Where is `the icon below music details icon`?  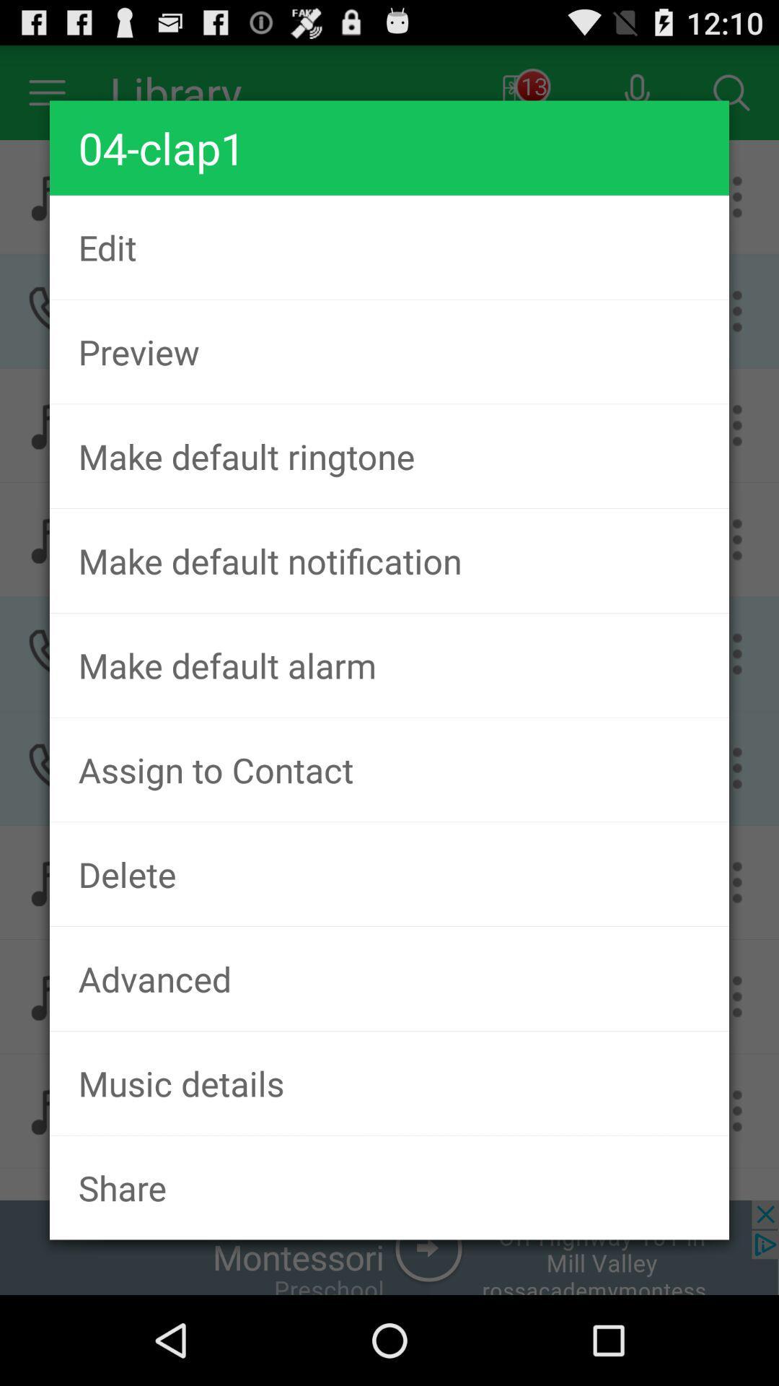 the icon below music details icon is located at coordinates (389, 1187).